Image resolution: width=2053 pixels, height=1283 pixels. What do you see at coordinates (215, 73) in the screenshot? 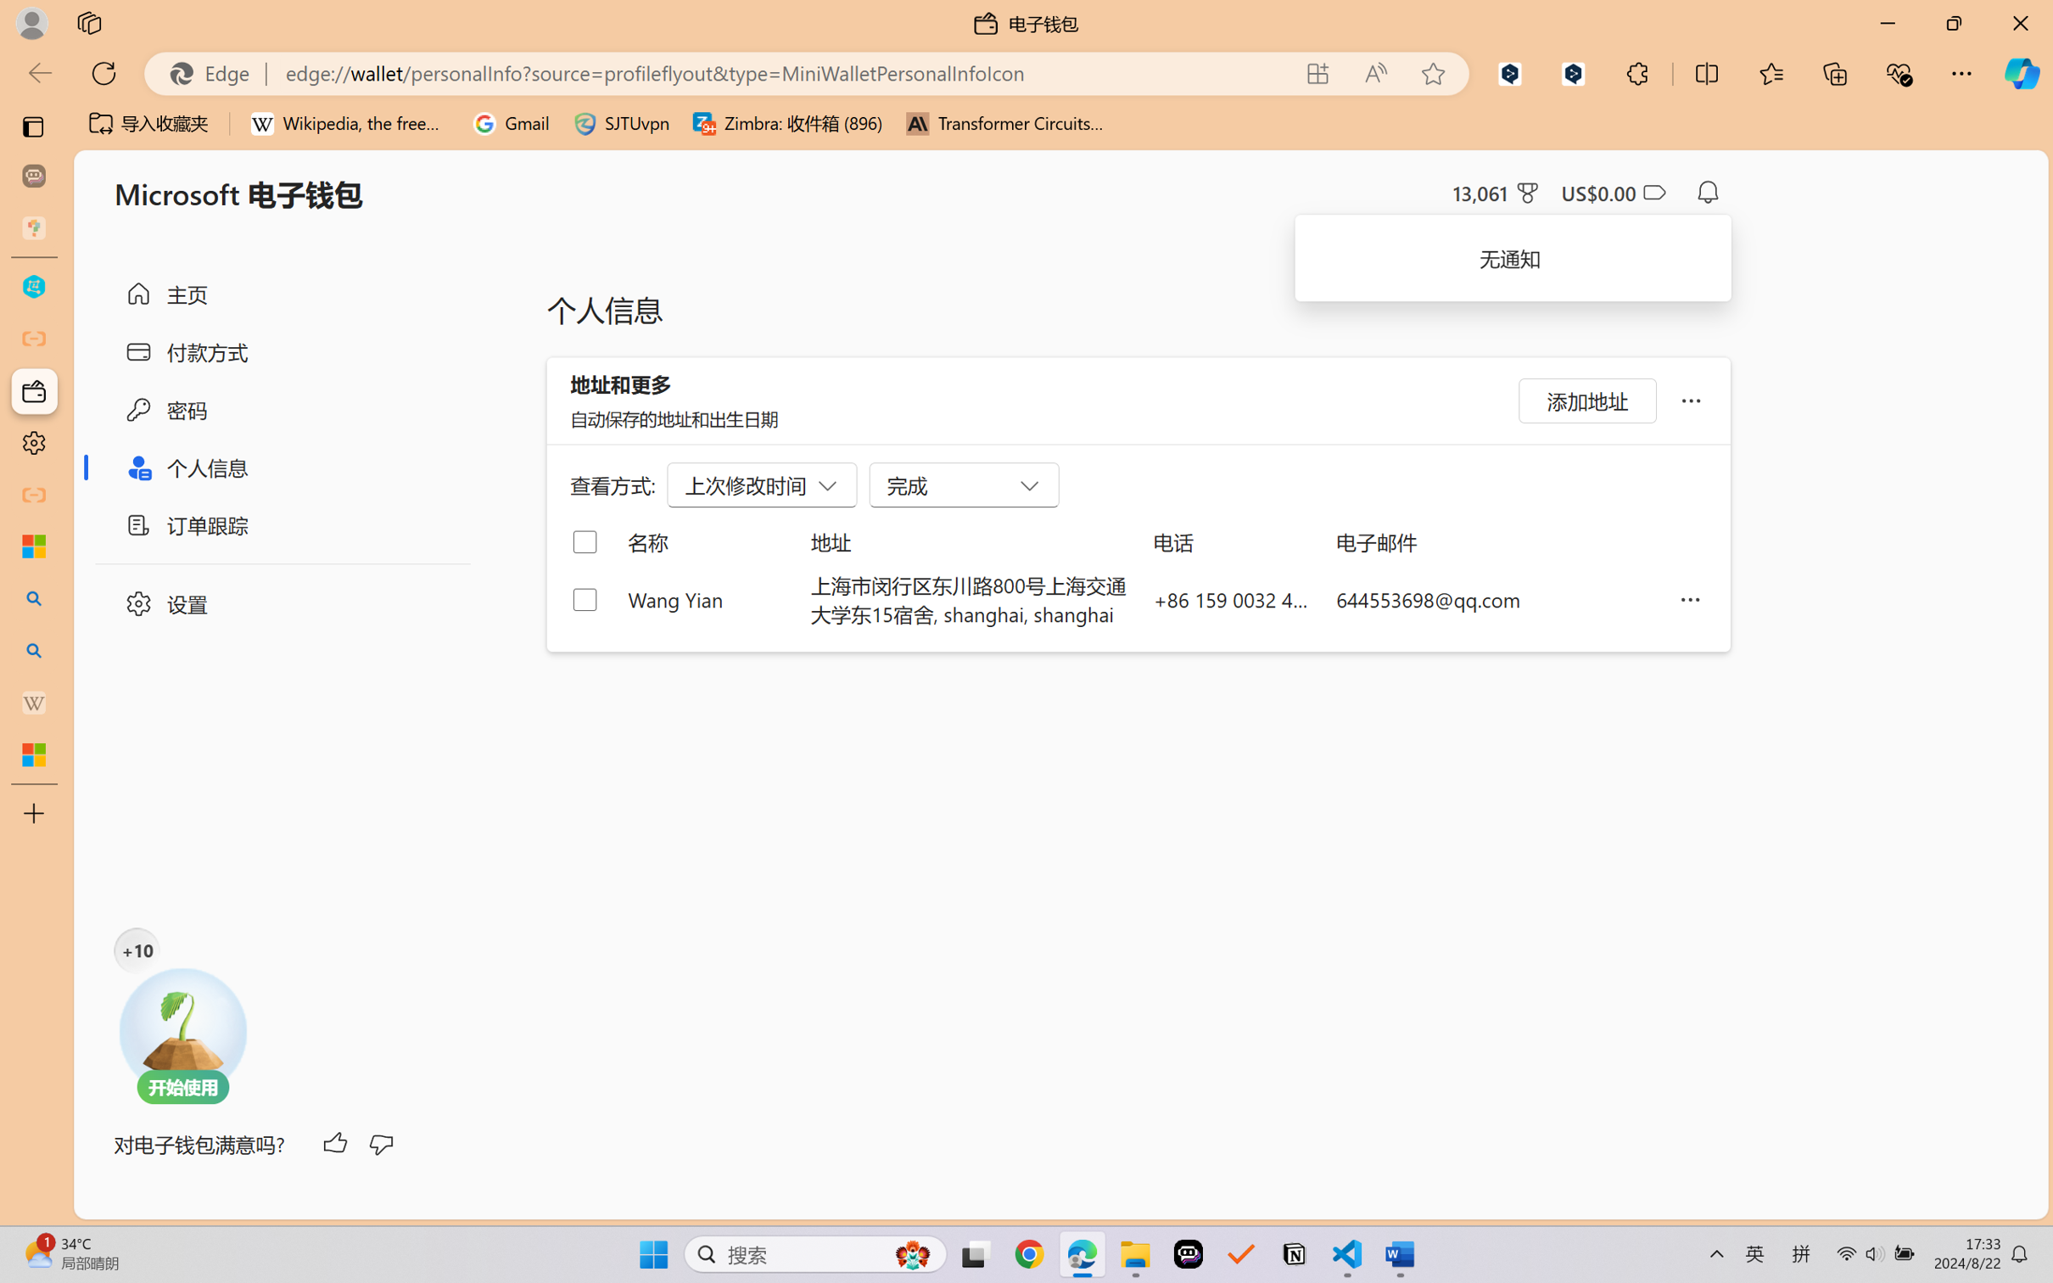
I see `'Edge'` at bounding box center [215, 73].